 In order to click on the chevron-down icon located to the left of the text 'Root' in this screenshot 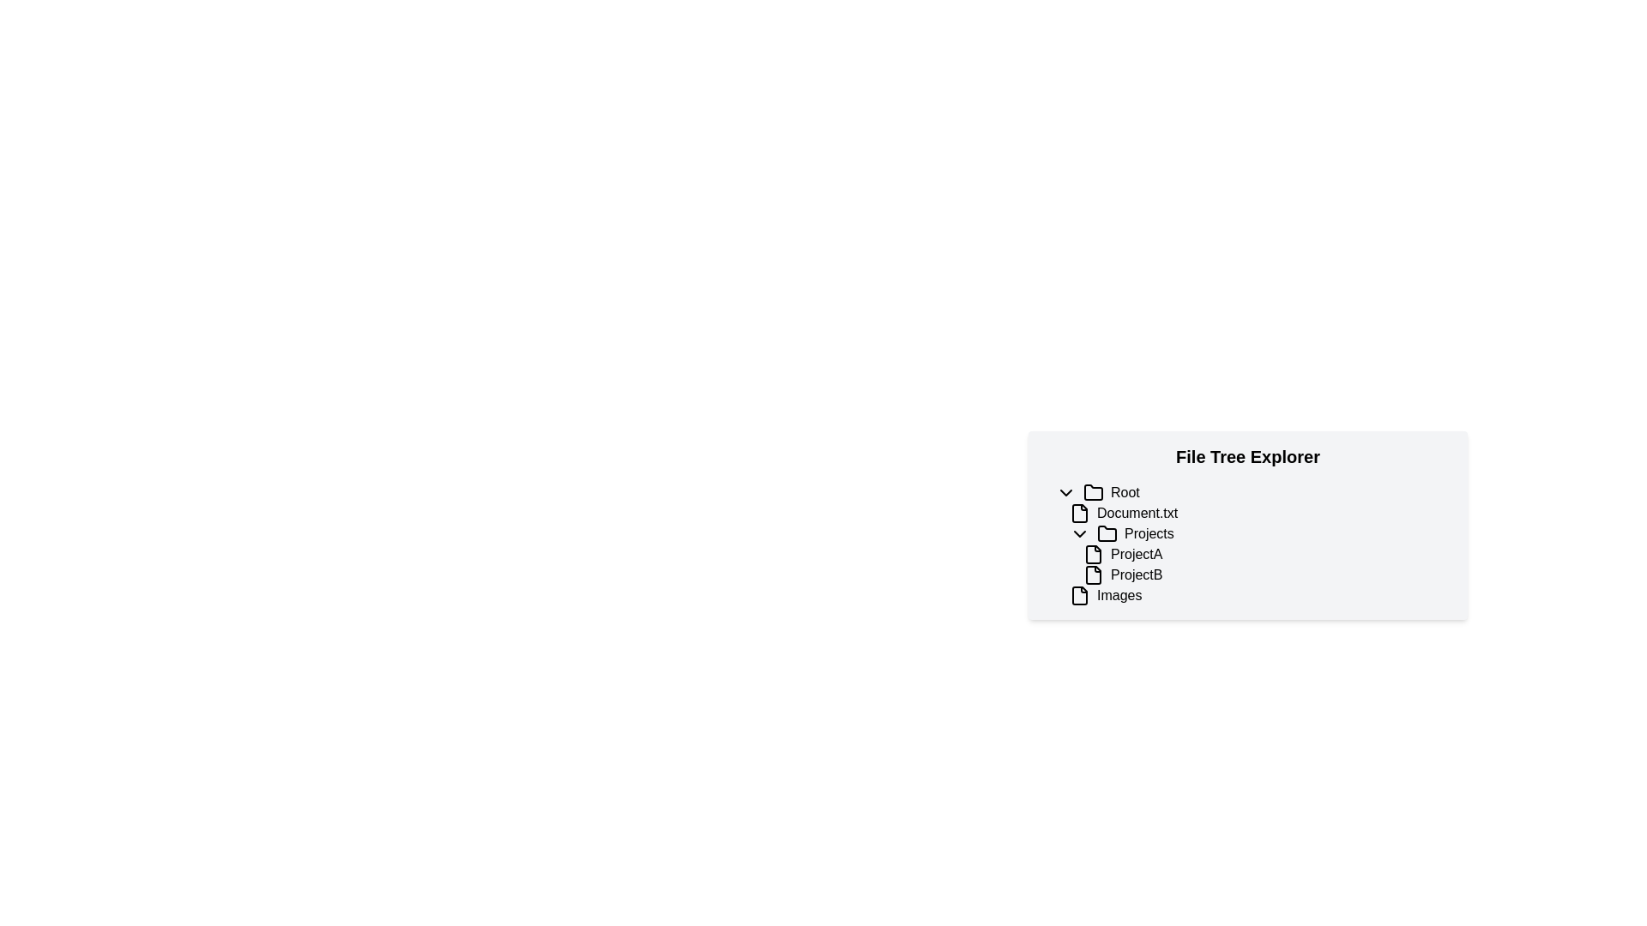, I will do `click(1065, 492)`.